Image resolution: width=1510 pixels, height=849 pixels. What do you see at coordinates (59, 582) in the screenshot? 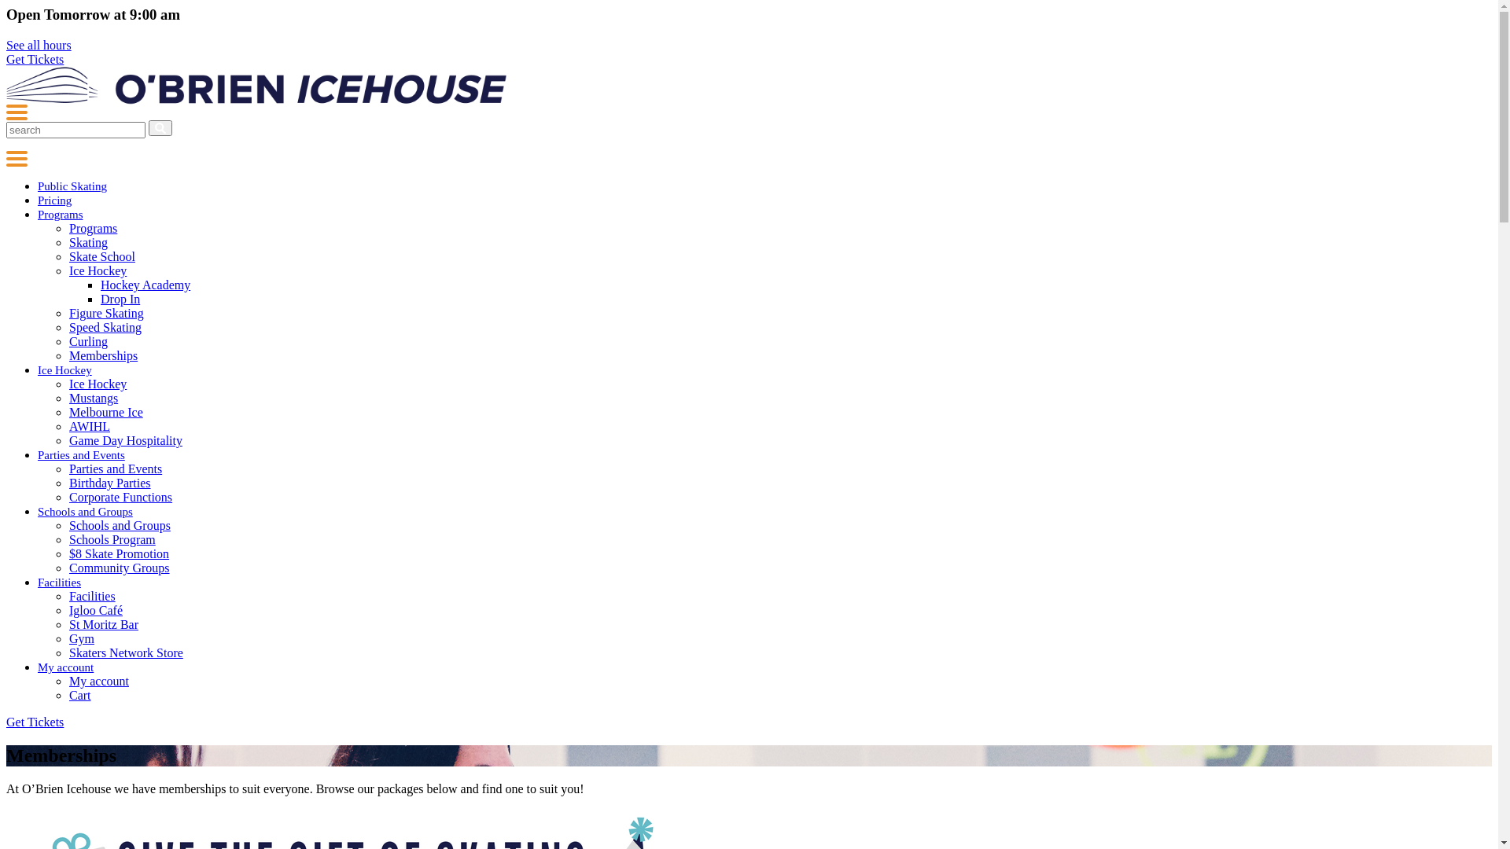
I see `'Facilities'` at bounding box center [59, 582].